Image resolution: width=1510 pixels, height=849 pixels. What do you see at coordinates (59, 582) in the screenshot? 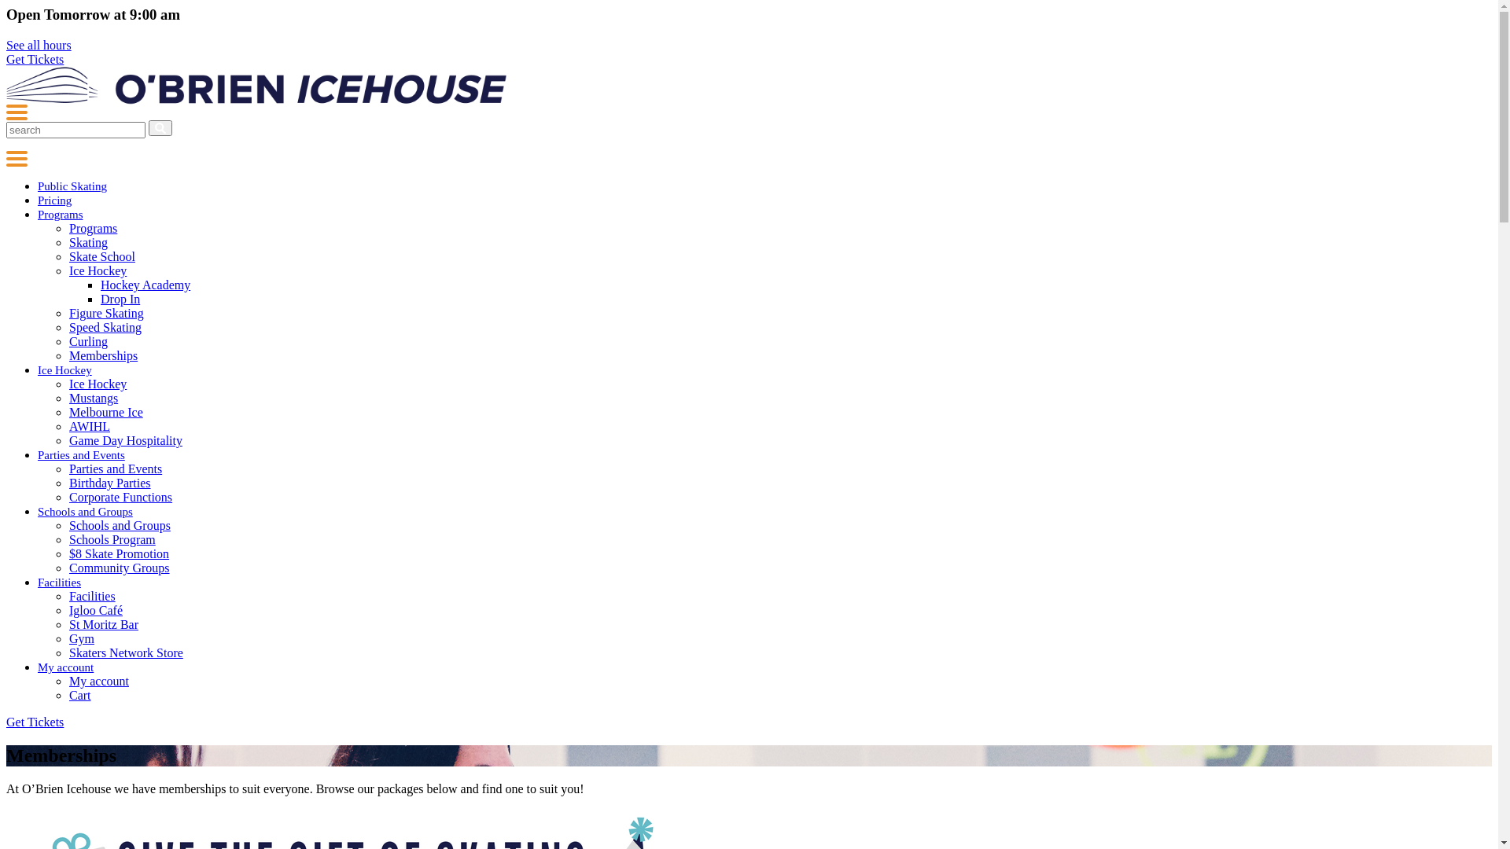
I see `'Facilities'` at bounding box center [59, 582].